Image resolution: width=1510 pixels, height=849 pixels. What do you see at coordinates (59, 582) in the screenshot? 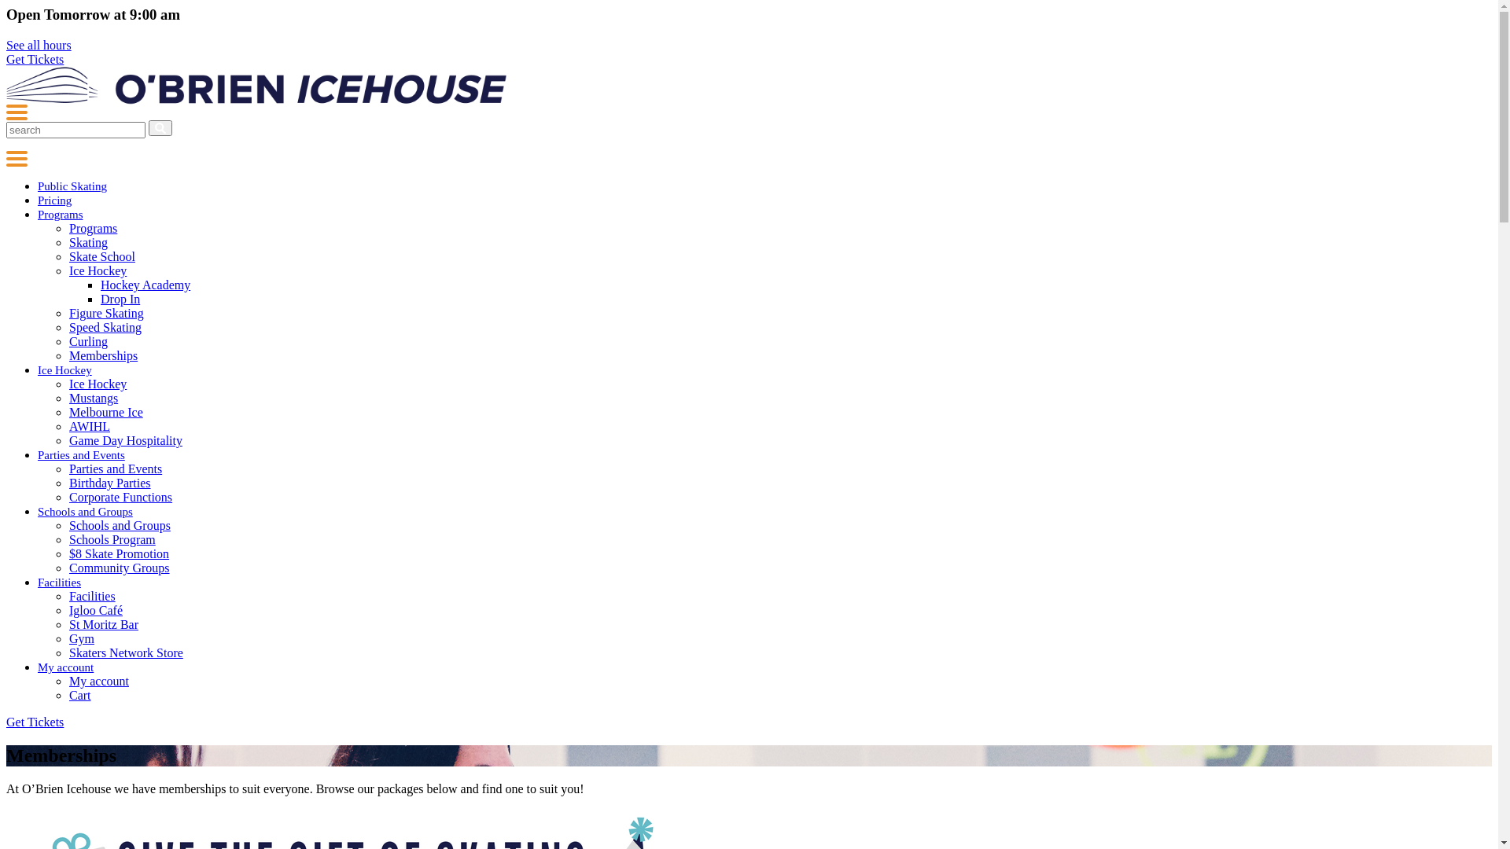
I see `'Facilities'` at bounding box center [59, 582].